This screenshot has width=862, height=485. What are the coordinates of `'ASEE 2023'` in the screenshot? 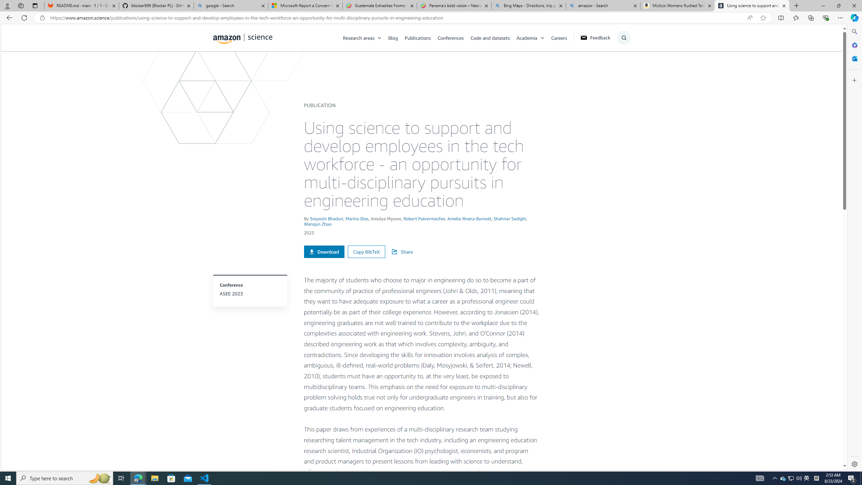 It's located at (250, 293).